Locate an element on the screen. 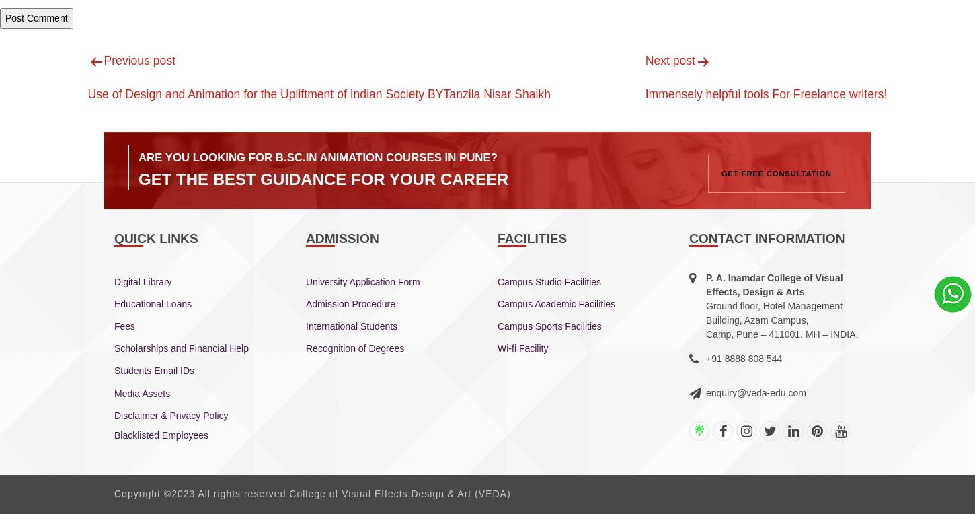  'Educational Loans' is located at coordinates (152, 303).